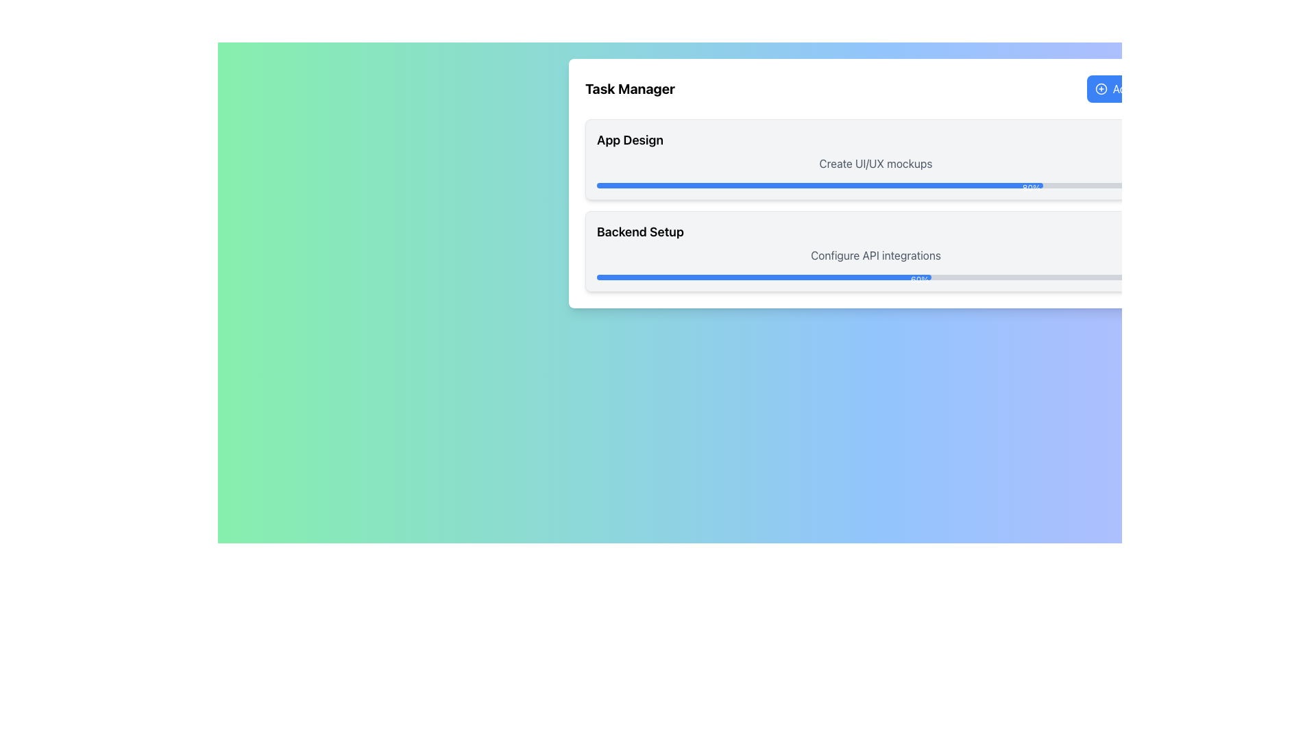  What do you see at coordinates (875, 277) in the screenshot?
I see `completion percentage value '60%' from the progress bar located in the lower section of the 'Backend Setup' card, beneath the text 'Configure API integrations'` at bounding box center [875, 277].